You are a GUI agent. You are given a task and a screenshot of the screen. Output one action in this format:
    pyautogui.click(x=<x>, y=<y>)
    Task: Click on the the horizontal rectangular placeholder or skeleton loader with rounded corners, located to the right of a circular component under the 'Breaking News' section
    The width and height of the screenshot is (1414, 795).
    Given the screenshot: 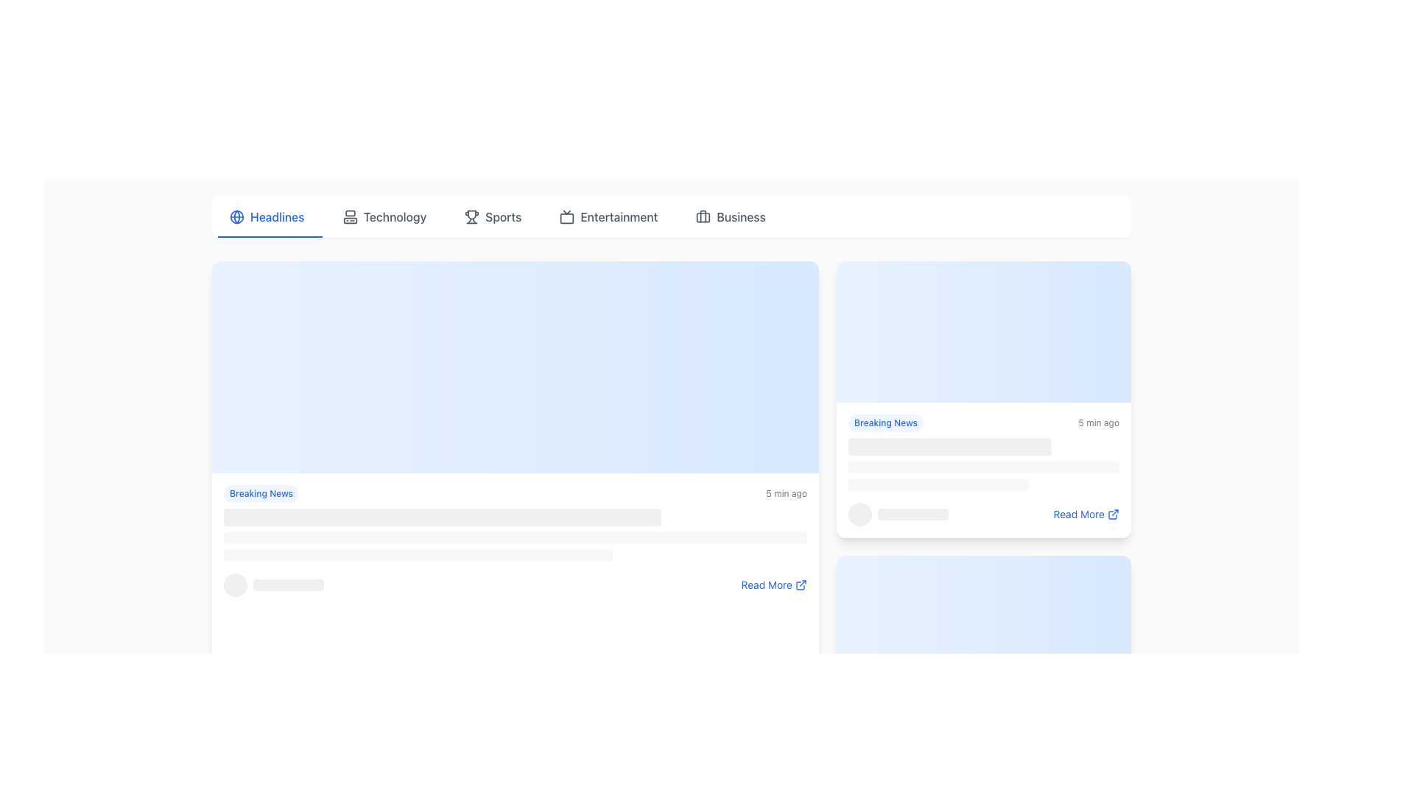 What is the action you would take?
    pyautogui.click(x=289, y=584)
    